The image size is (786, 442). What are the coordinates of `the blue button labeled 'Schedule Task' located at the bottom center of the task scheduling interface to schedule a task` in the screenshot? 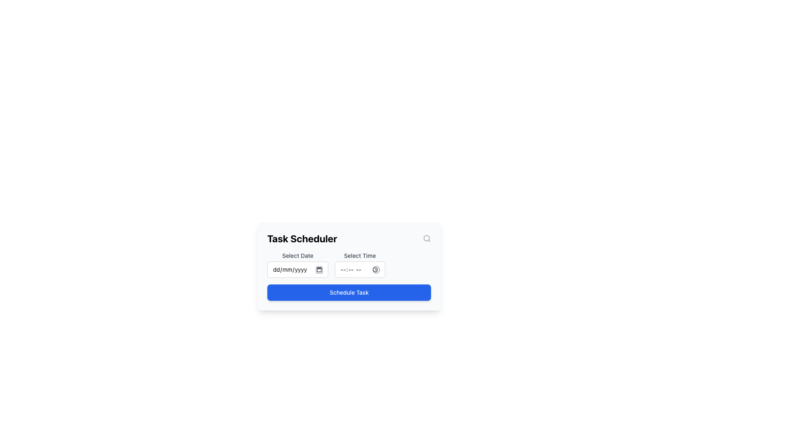 It's located at (349, 298).